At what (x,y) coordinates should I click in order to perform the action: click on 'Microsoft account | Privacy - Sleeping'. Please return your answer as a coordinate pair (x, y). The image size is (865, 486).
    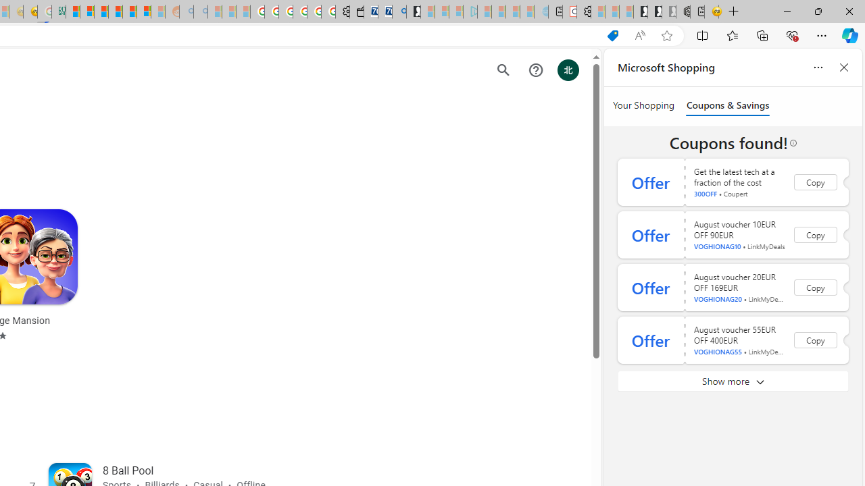
    Looking at the image, I should click on (455, 11).